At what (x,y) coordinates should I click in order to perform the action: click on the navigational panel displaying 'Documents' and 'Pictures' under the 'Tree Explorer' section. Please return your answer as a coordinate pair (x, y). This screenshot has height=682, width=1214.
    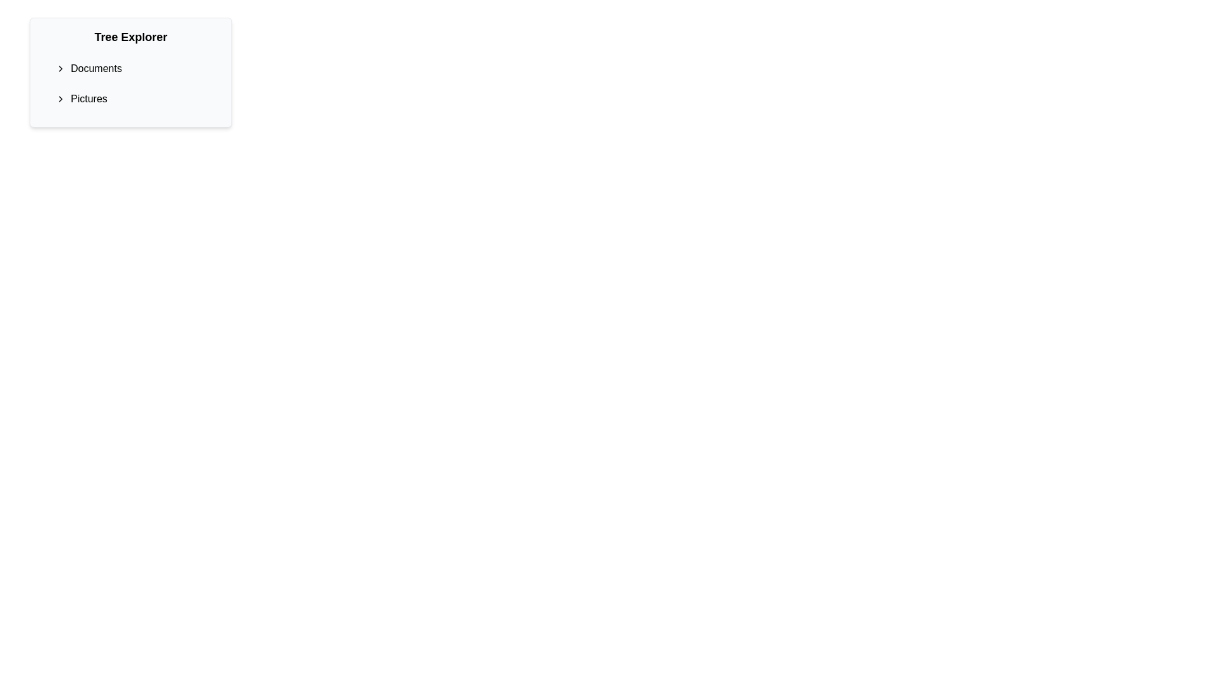
    Looking at the image, I should click on (130, 73).